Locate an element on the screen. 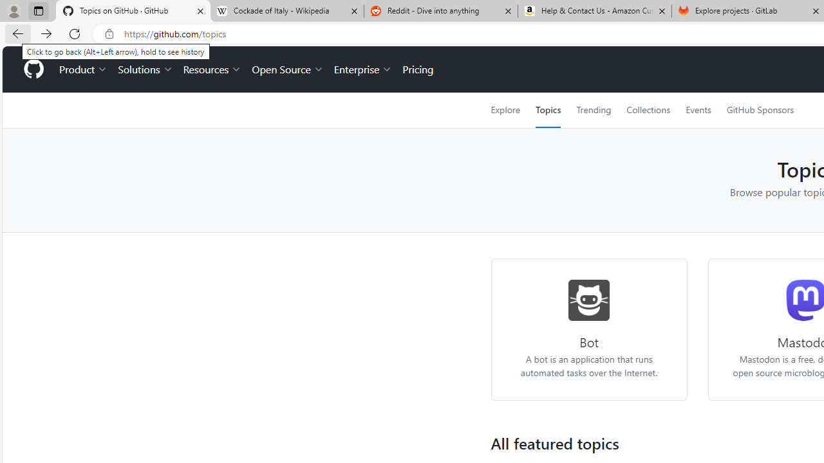 The height and width of the screenshot is (463, 824). 'Cockade of Italy - Wikipedia' is located at coordinates (286, 11).